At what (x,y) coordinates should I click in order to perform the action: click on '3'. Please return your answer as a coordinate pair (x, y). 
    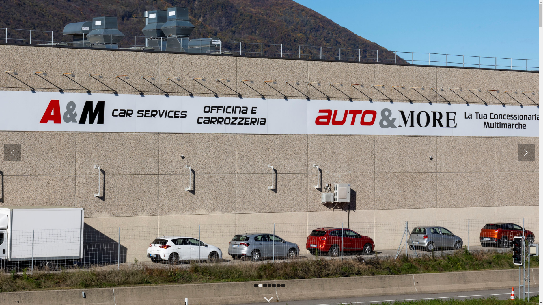
    Looking at the image, I should click on (263, 285).